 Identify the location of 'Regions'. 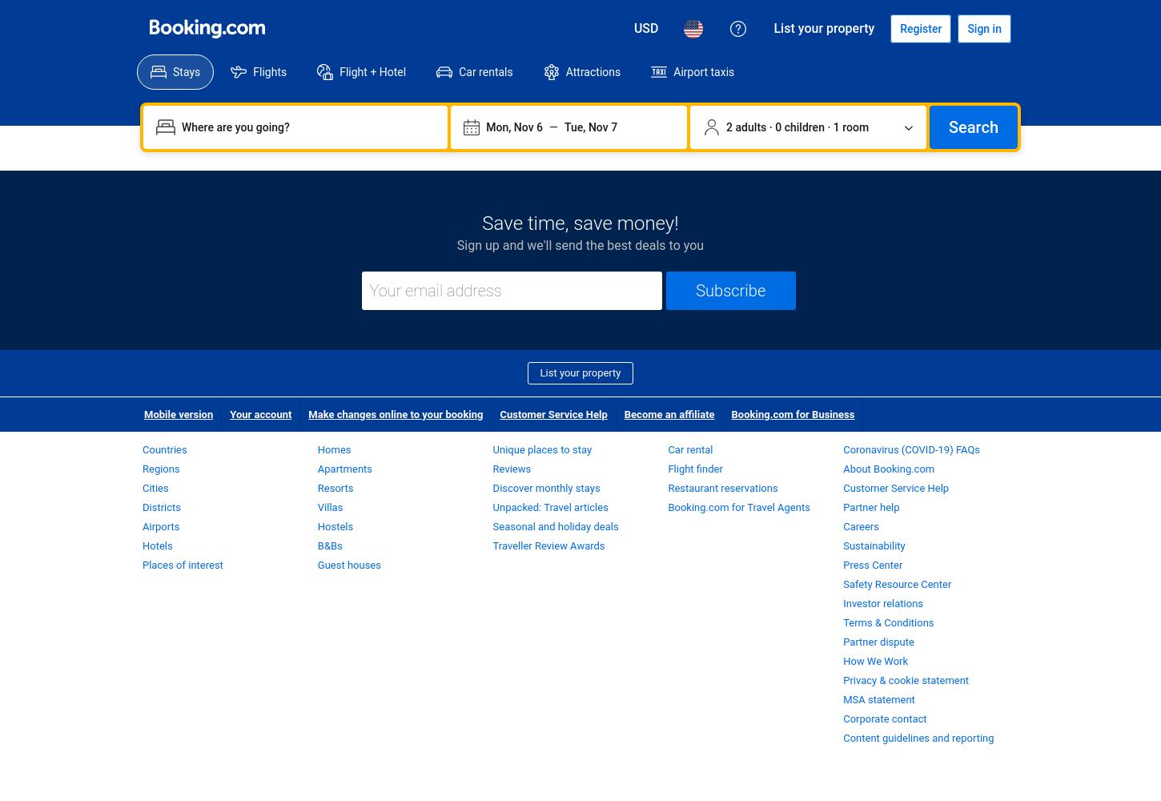
(142, 468).